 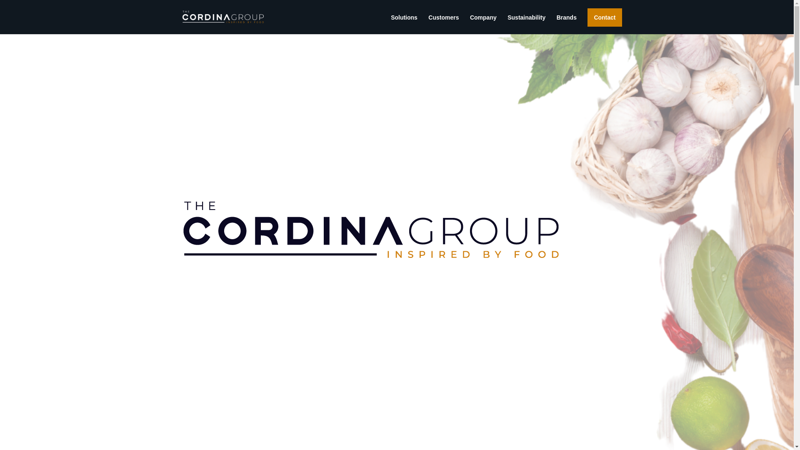 What do you see at coordinates (507, 24) in the screenshot?
I see `'Sustainability'` at bounding box center [507, 24].